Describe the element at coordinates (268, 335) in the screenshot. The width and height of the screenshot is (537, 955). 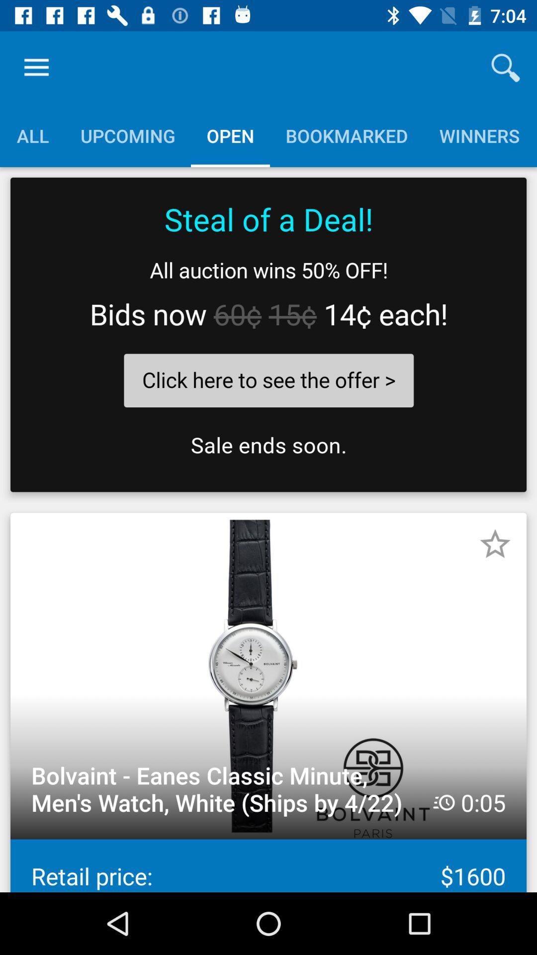
I see `sale offer` at that location.